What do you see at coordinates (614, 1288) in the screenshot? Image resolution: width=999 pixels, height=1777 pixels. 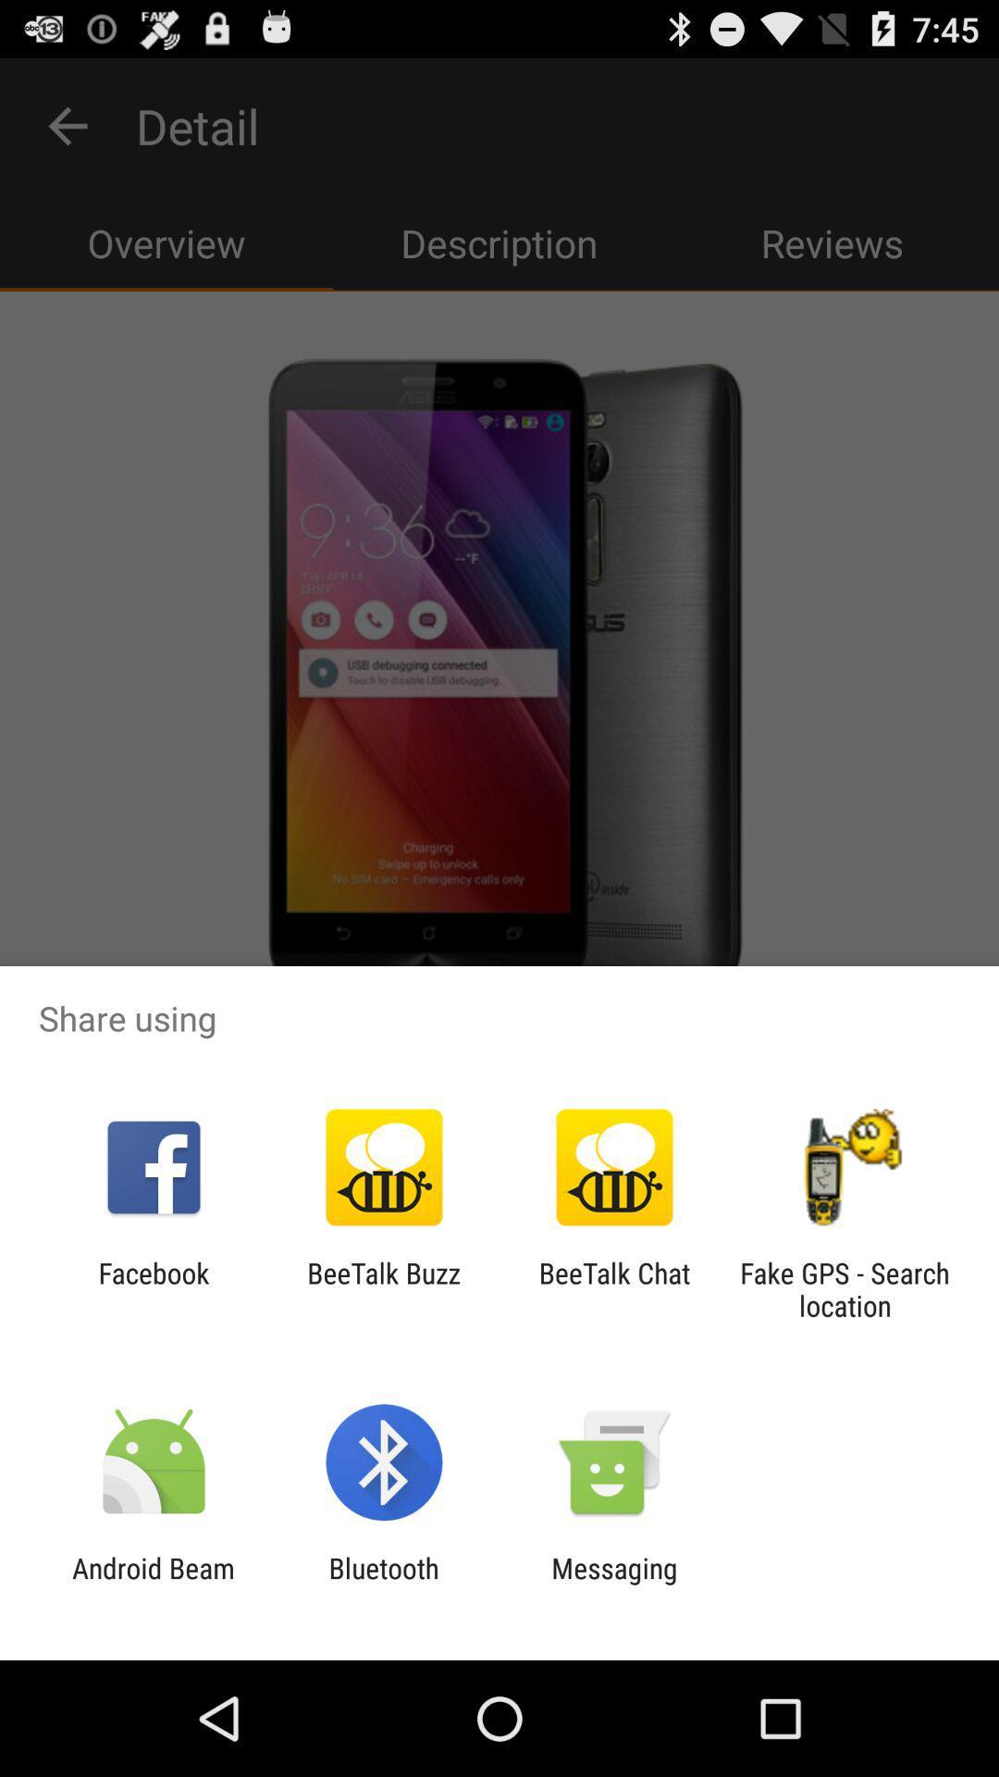 I see `the beetalk chat app` at bounding box center [614, 1288].